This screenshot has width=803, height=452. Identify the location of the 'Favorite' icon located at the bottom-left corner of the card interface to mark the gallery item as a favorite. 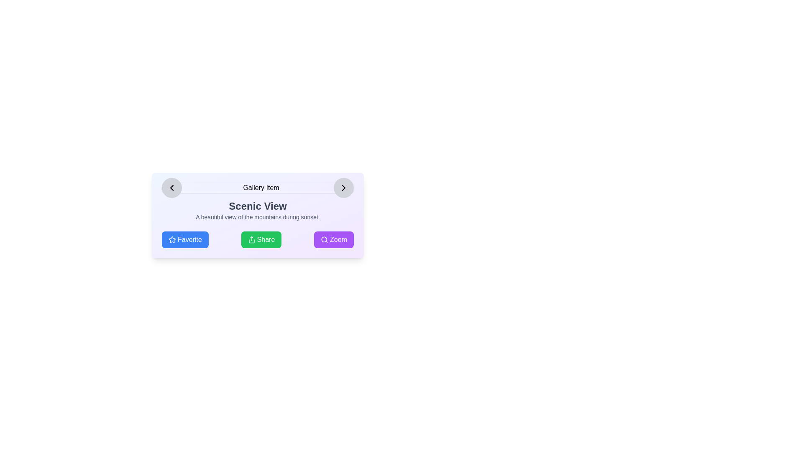
(171, 239).